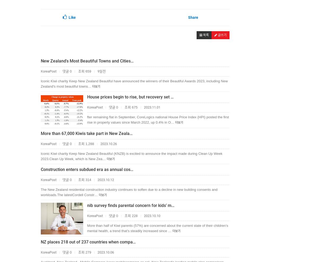  I want to click on 'New Zealand's Most Beautiful Towns and Cities…', so click(87, 61).